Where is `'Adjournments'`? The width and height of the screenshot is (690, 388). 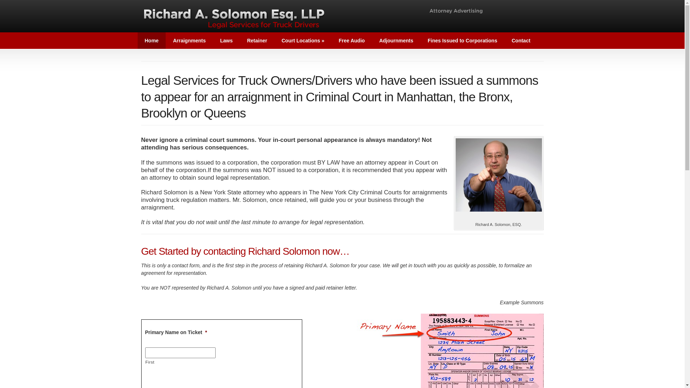 'Adjournments' is located at coordinates (396, 40).